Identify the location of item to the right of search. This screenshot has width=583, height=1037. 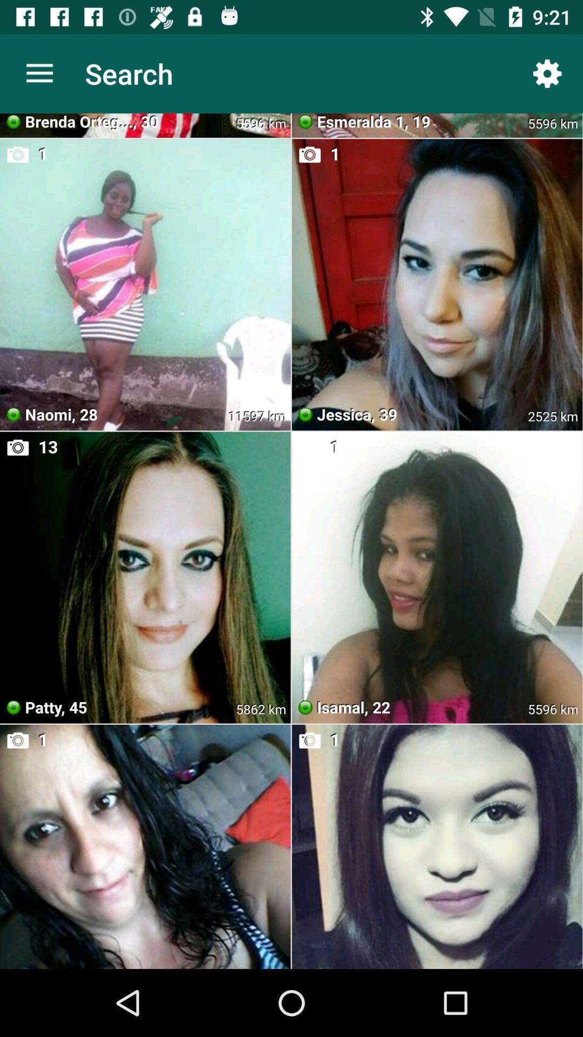
(547, 73).